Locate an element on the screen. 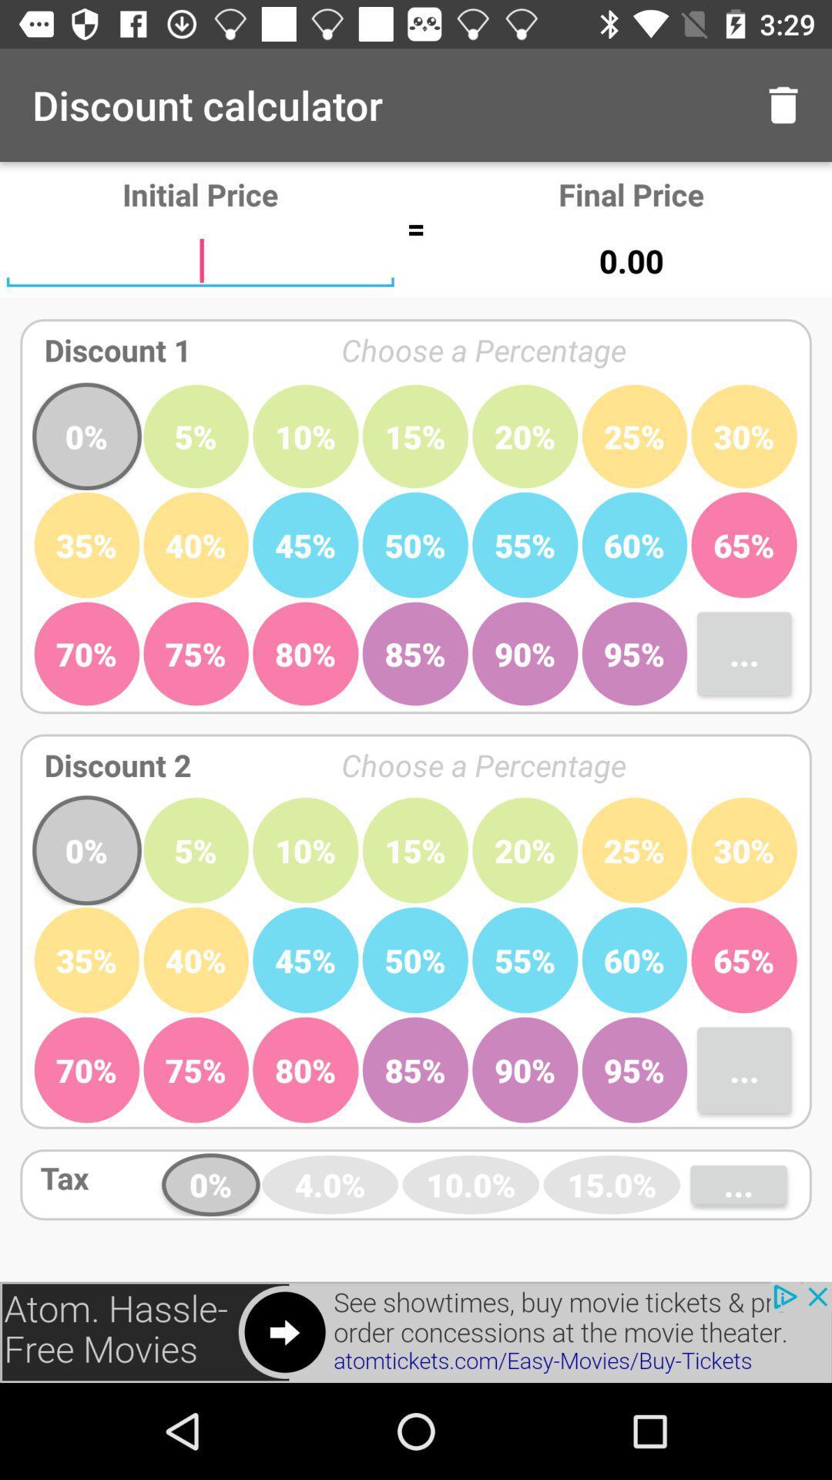 This screenshot has height=1480, width=832. advertisement is located at coordinates (416, 1331).